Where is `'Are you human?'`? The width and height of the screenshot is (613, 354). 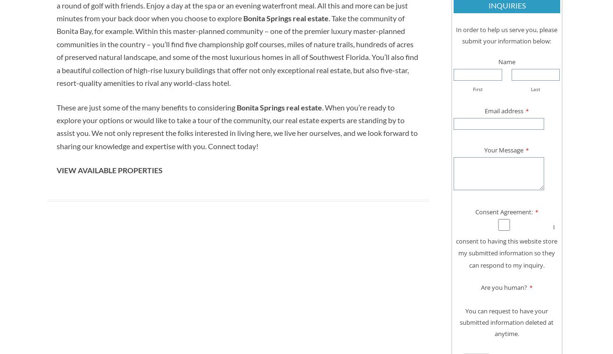 'Are you human?' is located at coordinates (503, 287).